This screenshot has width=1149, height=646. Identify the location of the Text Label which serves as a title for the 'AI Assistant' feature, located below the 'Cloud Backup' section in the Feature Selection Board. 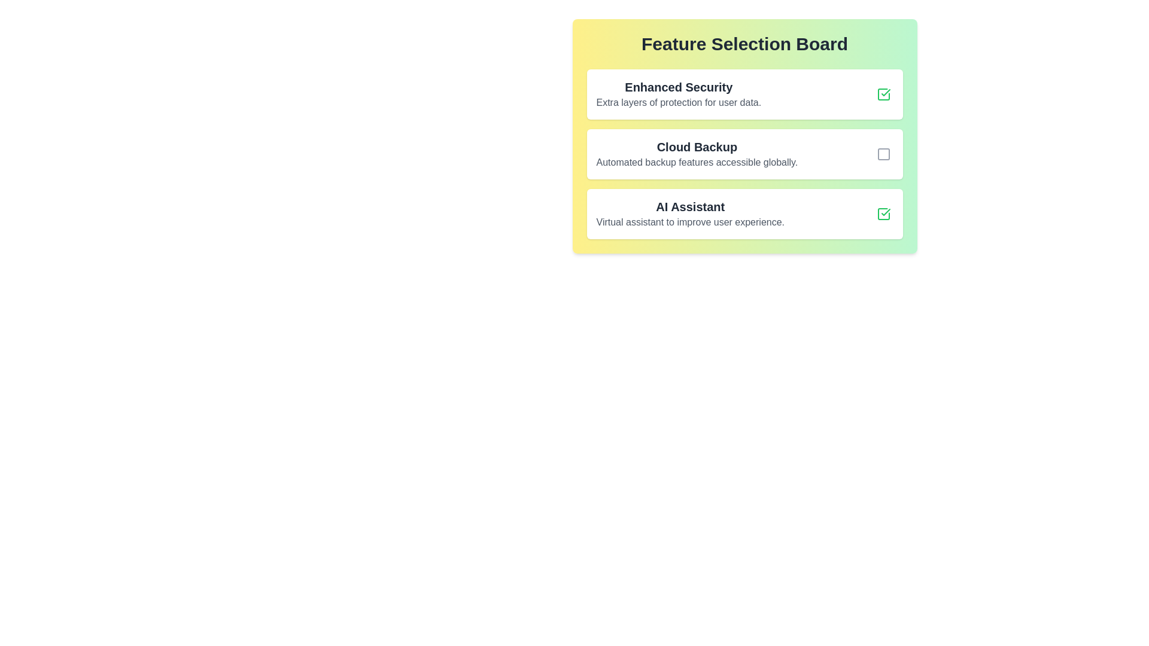
(690, 206).